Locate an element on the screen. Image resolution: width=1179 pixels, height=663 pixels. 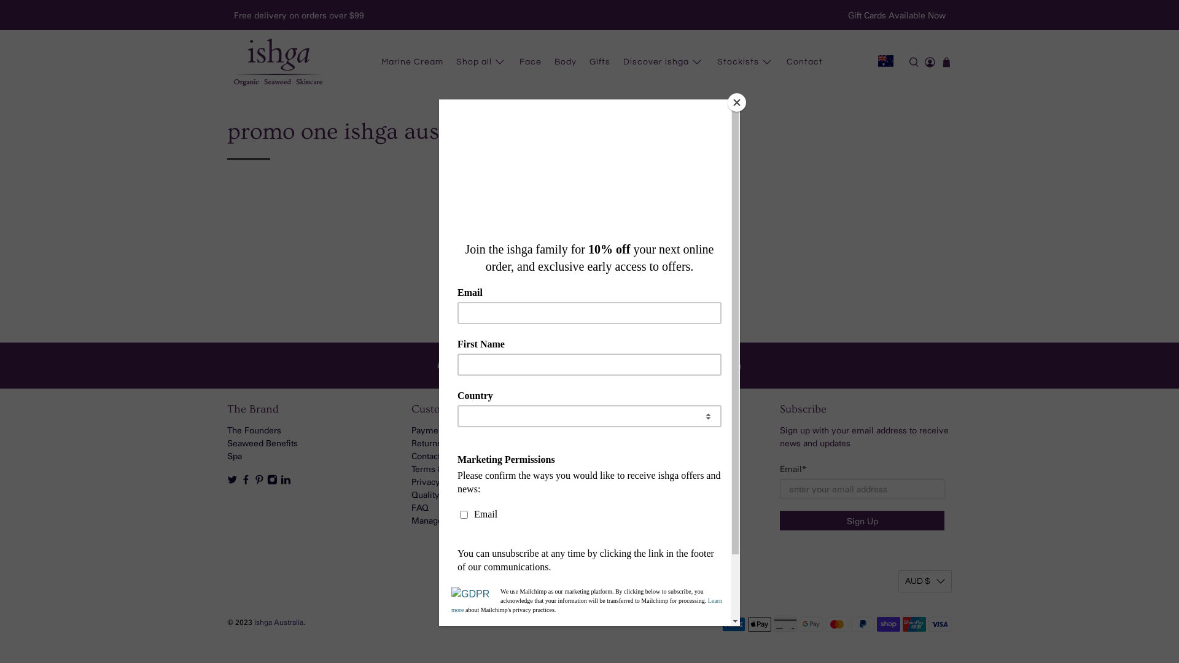
'Shop all' is located at coordinates (448, 62).